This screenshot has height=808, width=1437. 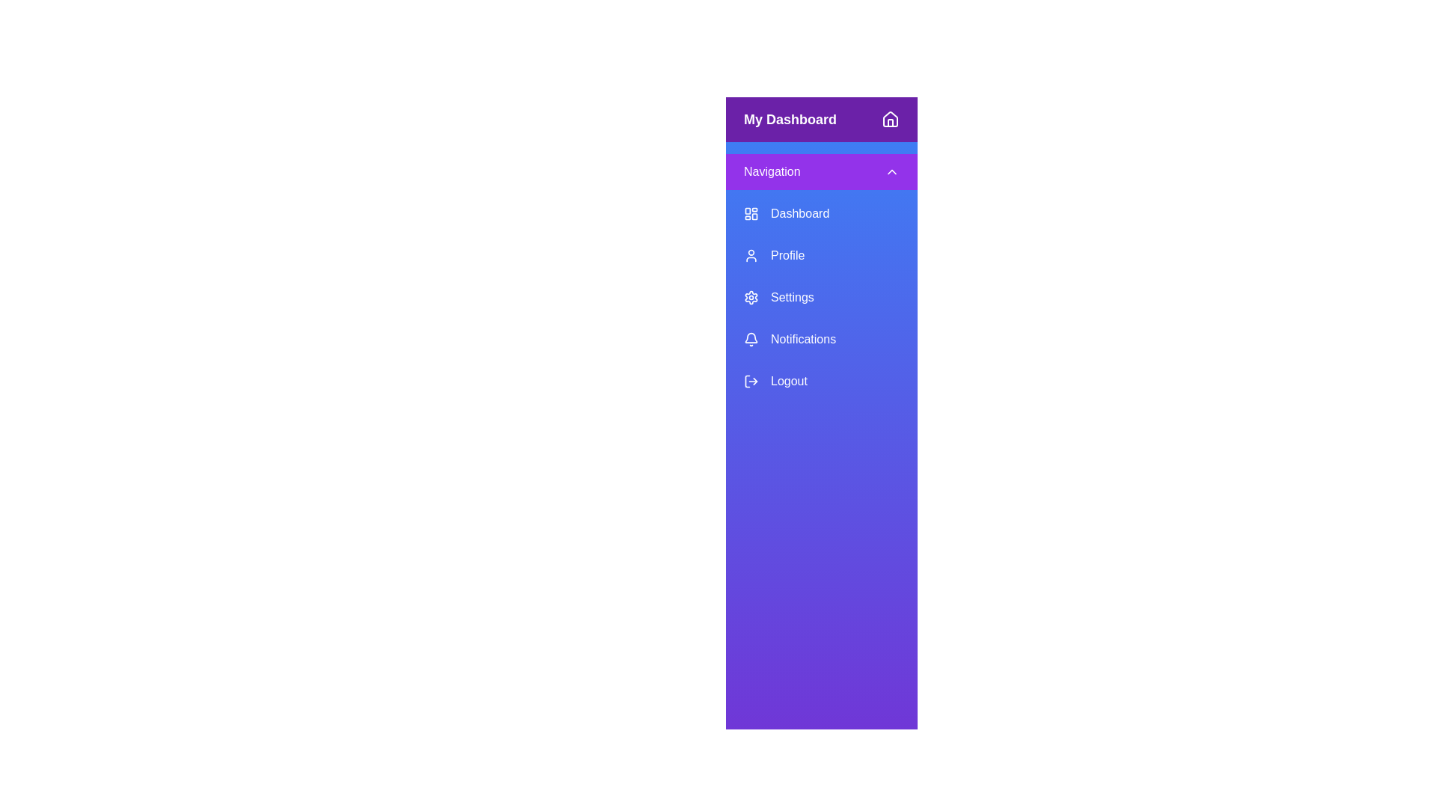 I want to click on the header section with a deep purple background containing the text 'My Dashboard' and a home icon, located at the top of the sidebar navigation, so click(x=821, y=118).